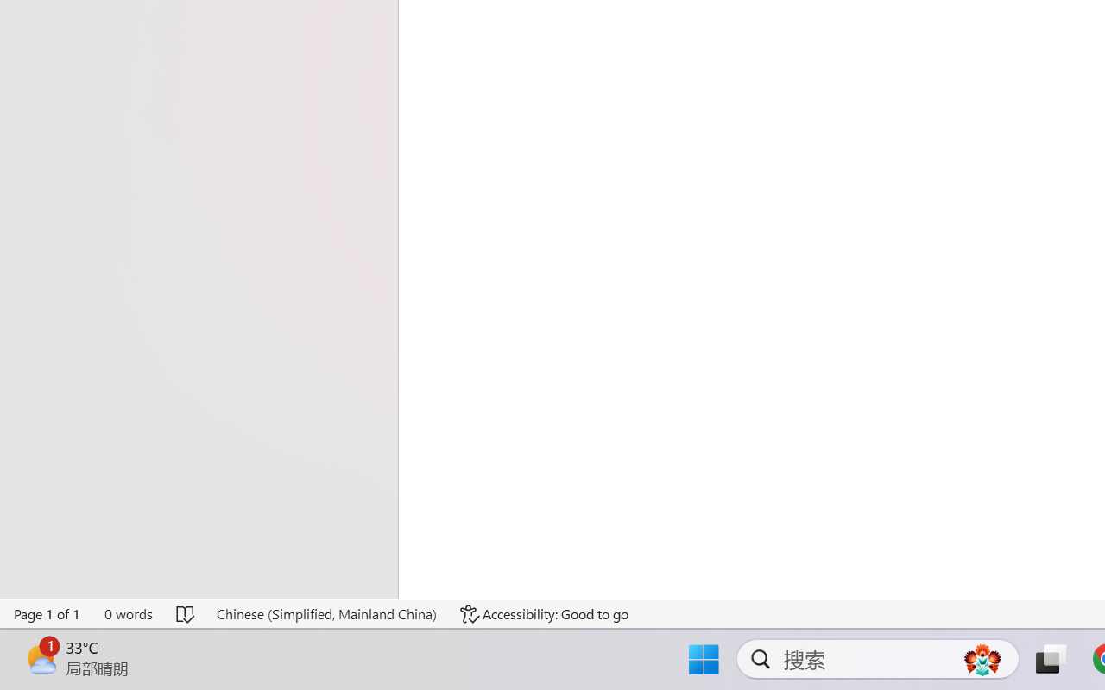 Image resolution: width=1105 pixels, height=690 pixels. Describe the element at coordinates (326, 613) in the screenshot. I see `'Language Chinese (Simplified, Mainland China)'` at that location.